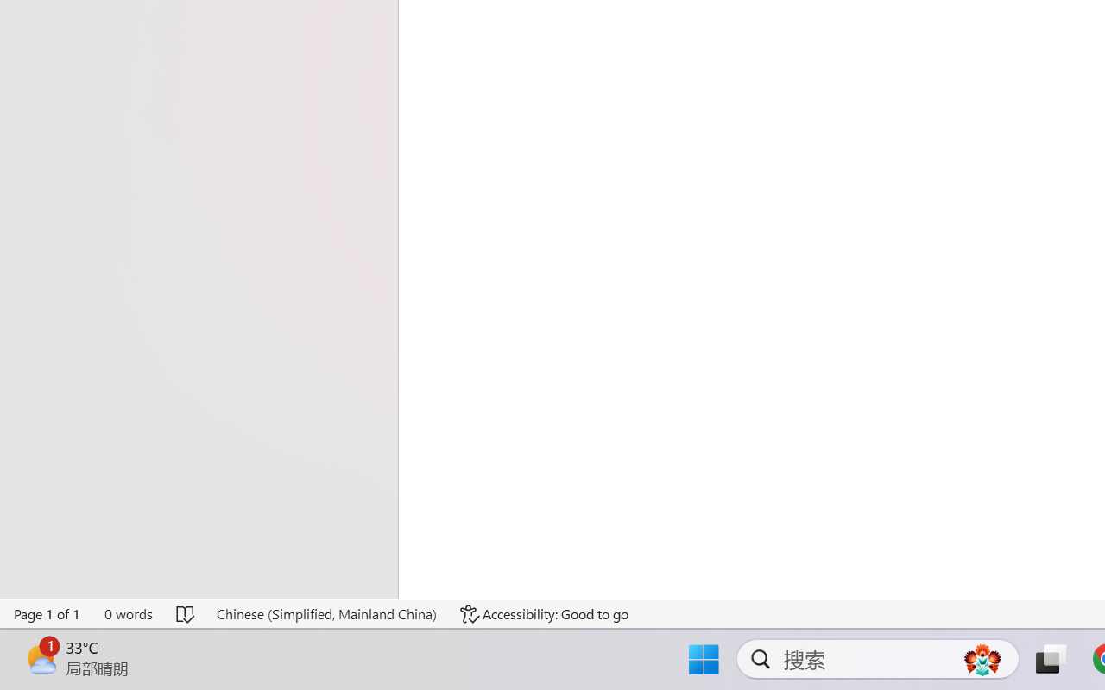 Image resolution: width=1105 pixels, height=690 pixels. Describe the element at coordinates (326, 613) in the screenshot. I see `'Language Chinese (Simplified, Mainland China)'` at that location.